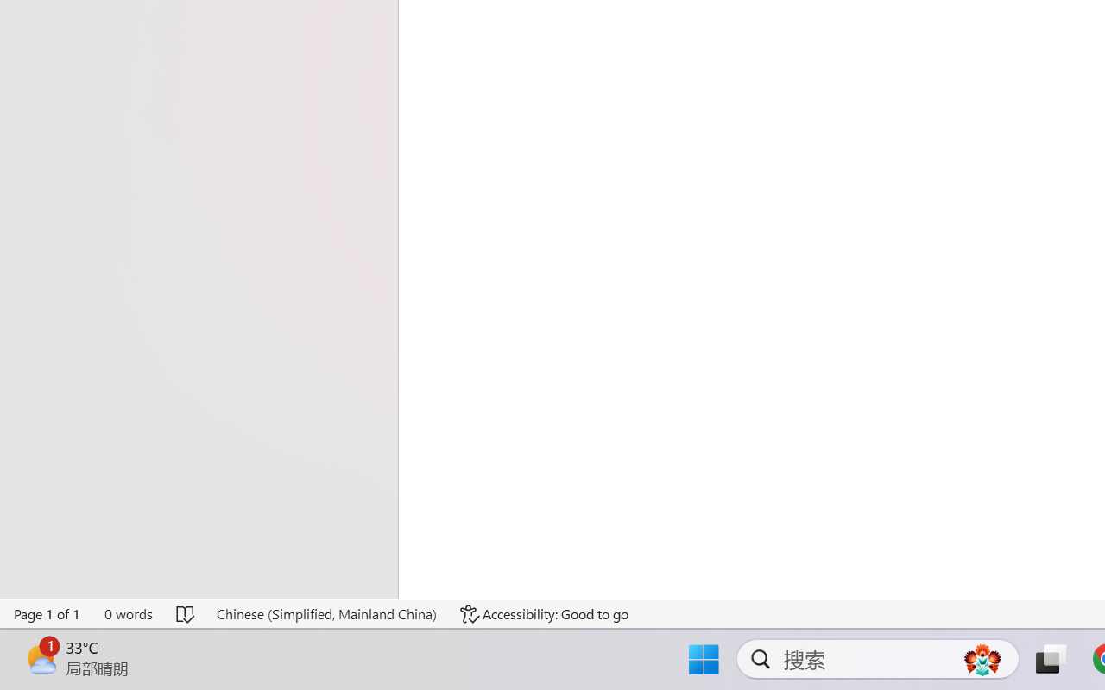 Image resolution: width=1105 pixels, height=690 pixels. Describe the element at coordinates (326, 613) in the screenshot. I see `'Language Chinese (Simplified, Mainland China)'` at that location.